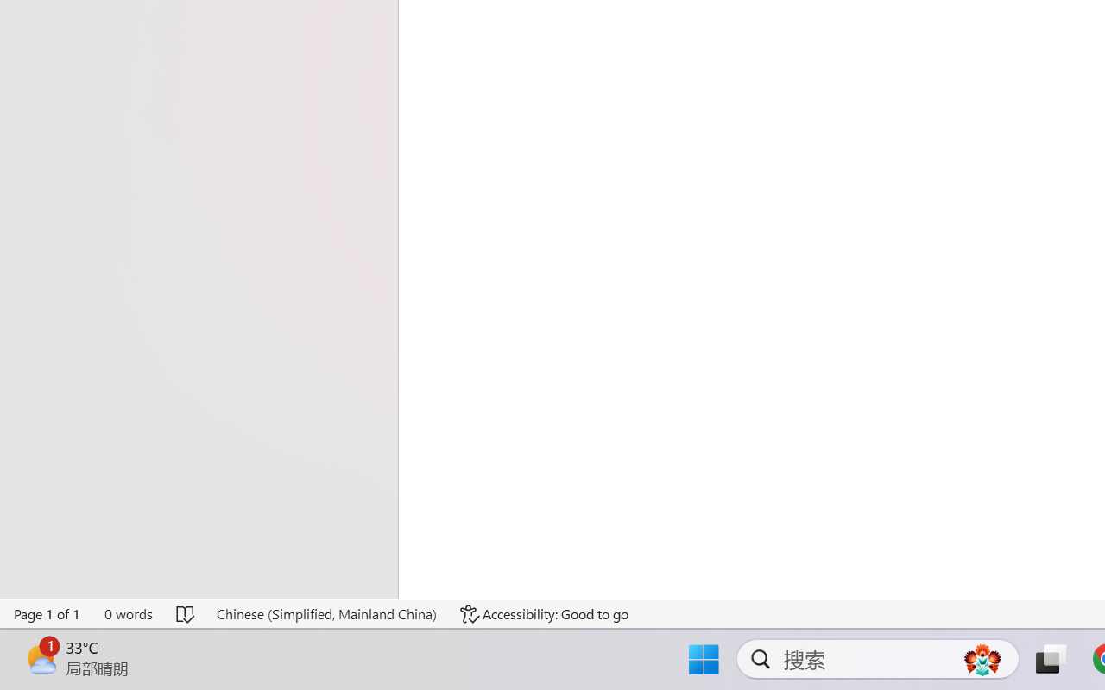 Image resolution: width=1105 pixels, height=690 pixels. Describe the element at coordinates (326, 613) in the screenshot. I see `'Language Chinese (Simplified, Mainland China)'` at that location.